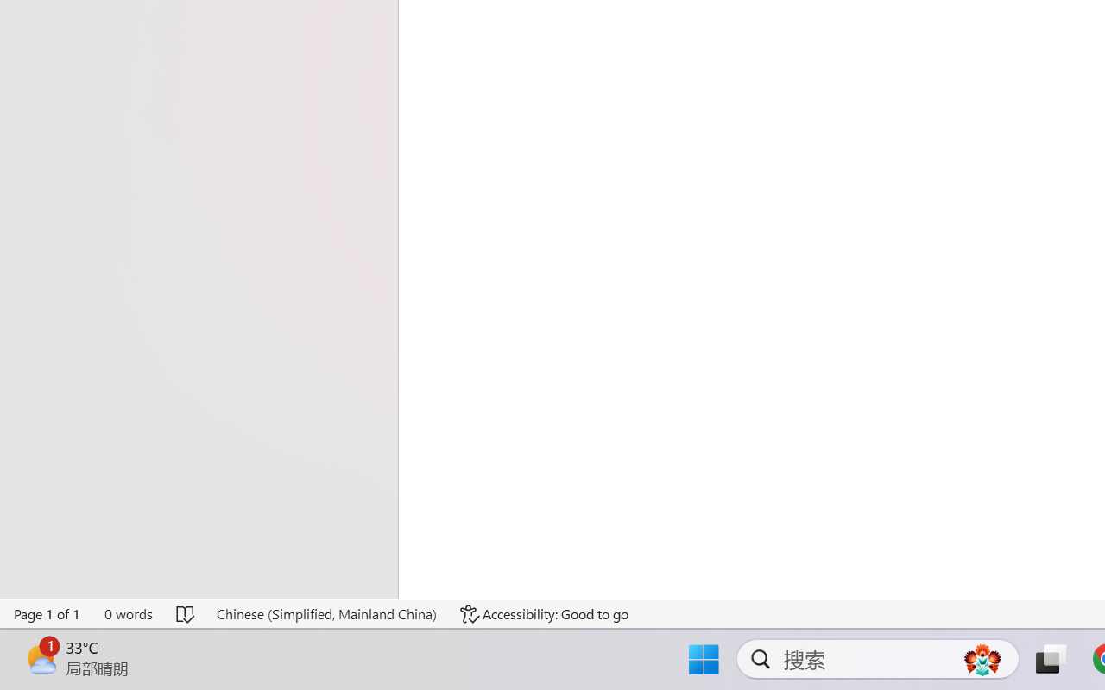 Image resolution: width=1105 pixels, height=690 pixels. Describe the element at coordinates (326, 613) in the screenshot. I see `'Language Chinese (Simplified, Mainland China)'` at that location.